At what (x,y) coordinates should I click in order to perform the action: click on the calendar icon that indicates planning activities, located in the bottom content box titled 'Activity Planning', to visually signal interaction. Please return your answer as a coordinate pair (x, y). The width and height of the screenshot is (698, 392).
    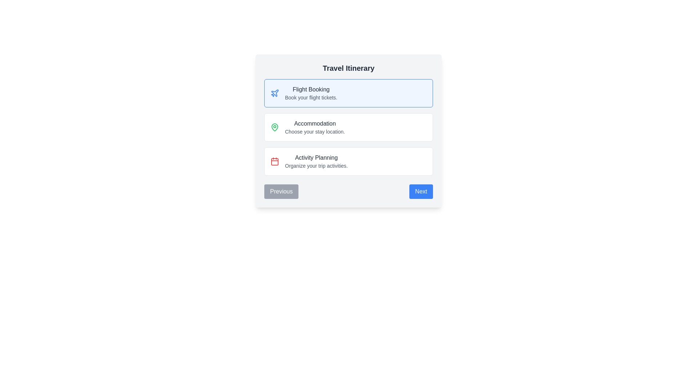
    Looking at the image, I should click on (274, 161).